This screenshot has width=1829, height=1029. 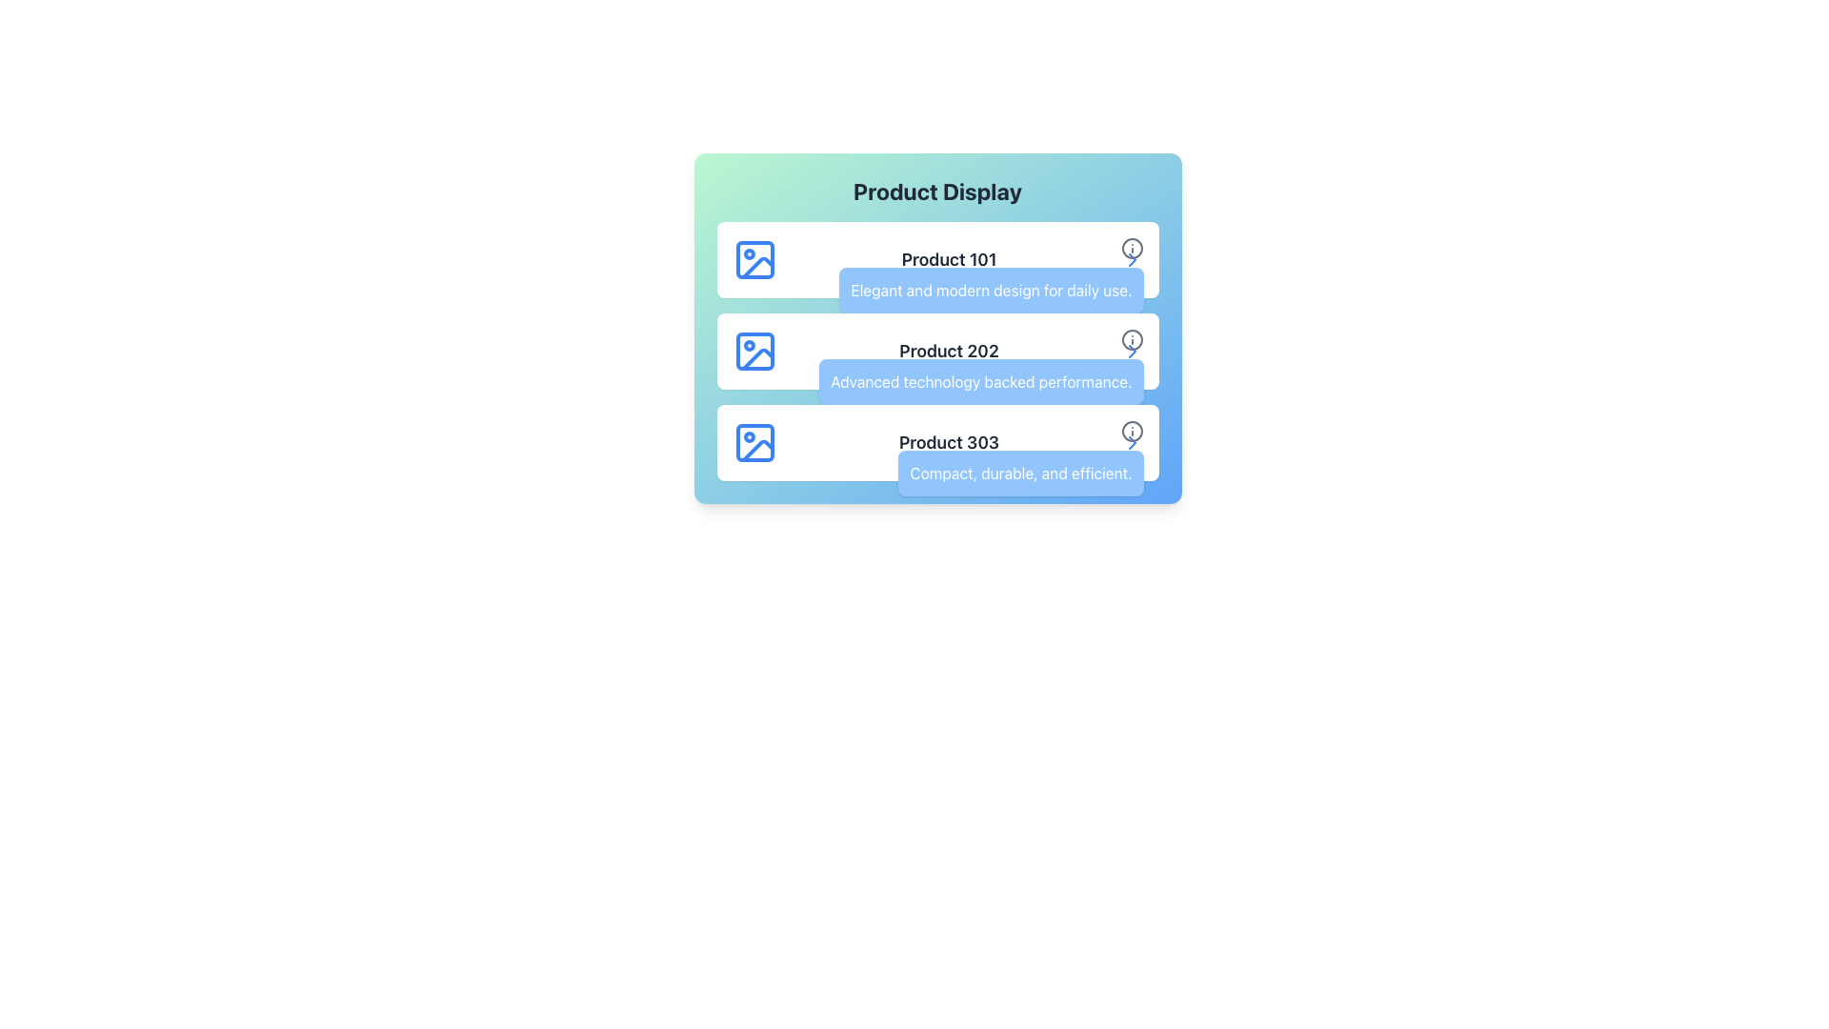 I want to click on the blue stroked angled shape icon located in the first row of the tabular display, so click(x=756, y=268).